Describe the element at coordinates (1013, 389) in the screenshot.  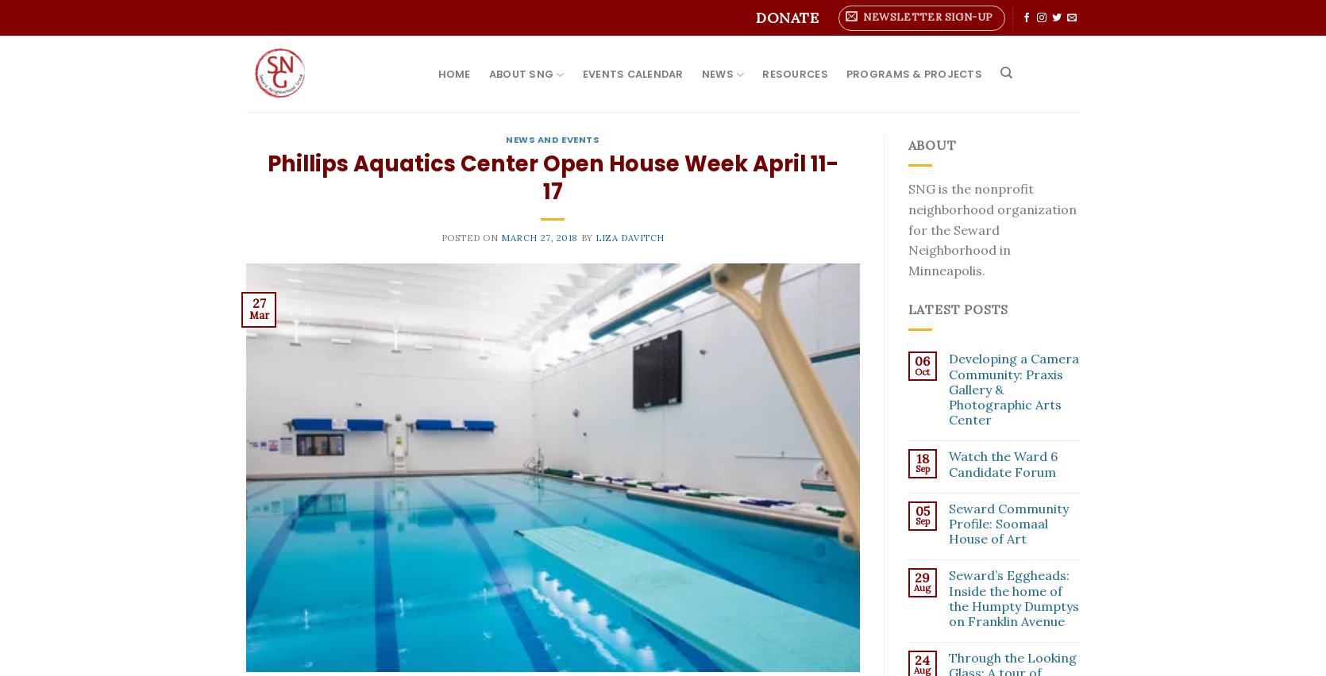
I see `'Developing a Camera Community: Praxis Gallery & Photographic Arts Center'` at that location.